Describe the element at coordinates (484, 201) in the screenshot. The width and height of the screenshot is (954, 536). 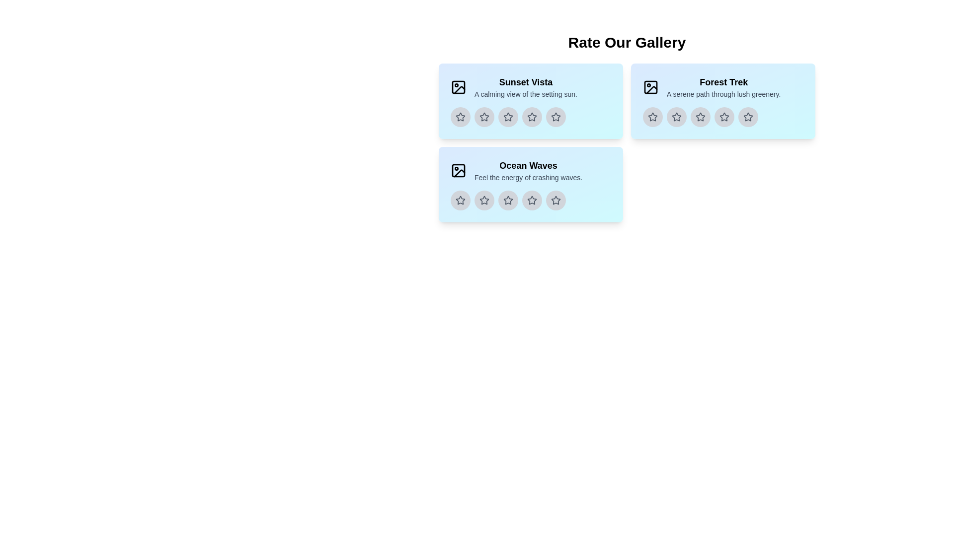
I see `the first gray outlined star icon within the rating section of the 'Ocean Waves' card` at that location.